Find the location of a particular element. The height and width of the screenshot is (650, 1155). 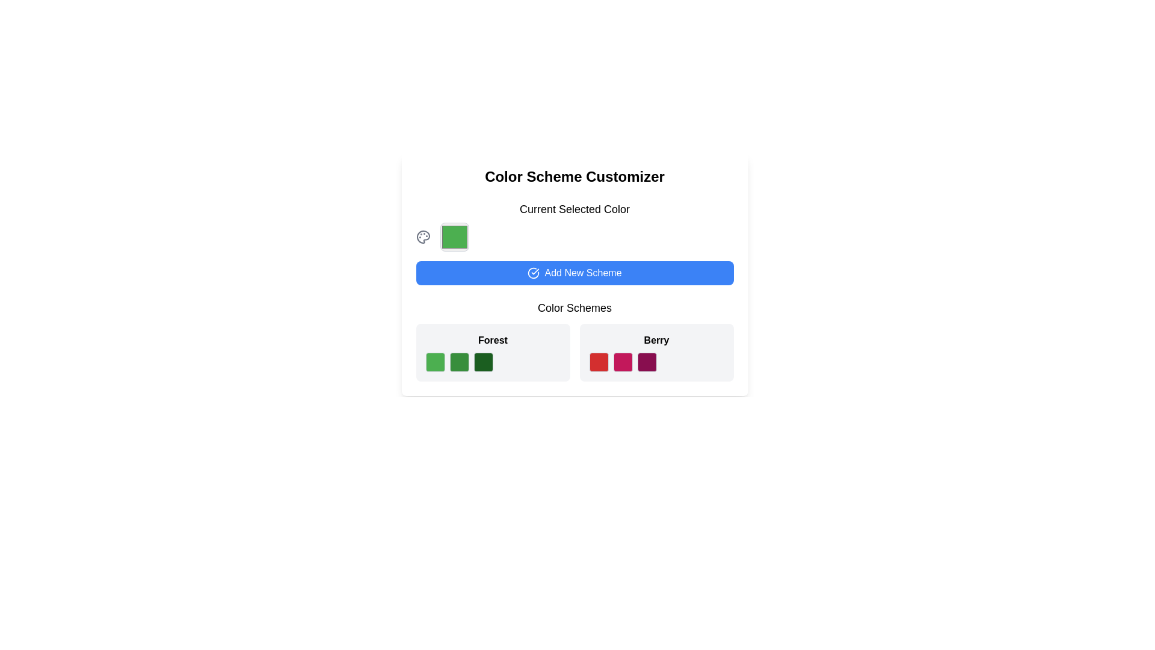

the 'Berry' color scheme option in the lower-right section of the interface is located at coordinates (656, 352).